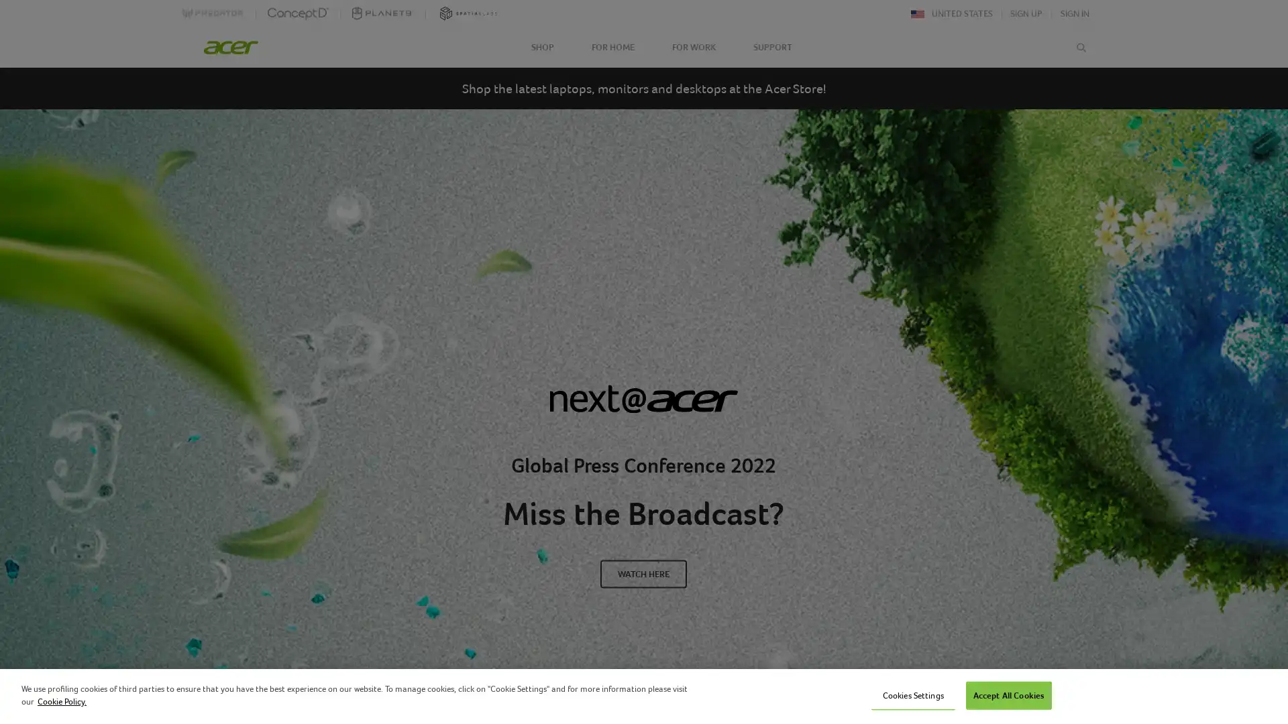 The height and width of the screenshot is (724, 1288). What do you see at coordinates (1008, 695) in the screenshot?
I see `Accept All Cookies` at bounding box center [1008, 695].